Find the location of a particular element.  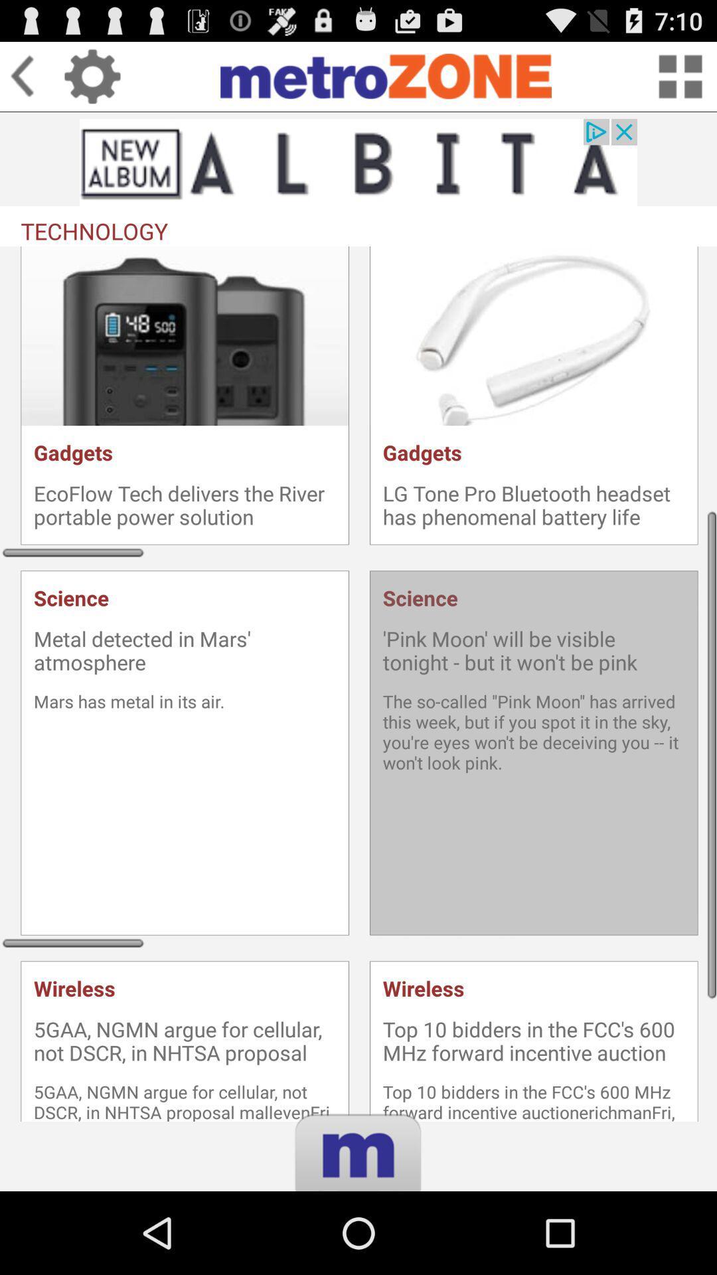

the dashboard icon is located at coordinates (680, 81).